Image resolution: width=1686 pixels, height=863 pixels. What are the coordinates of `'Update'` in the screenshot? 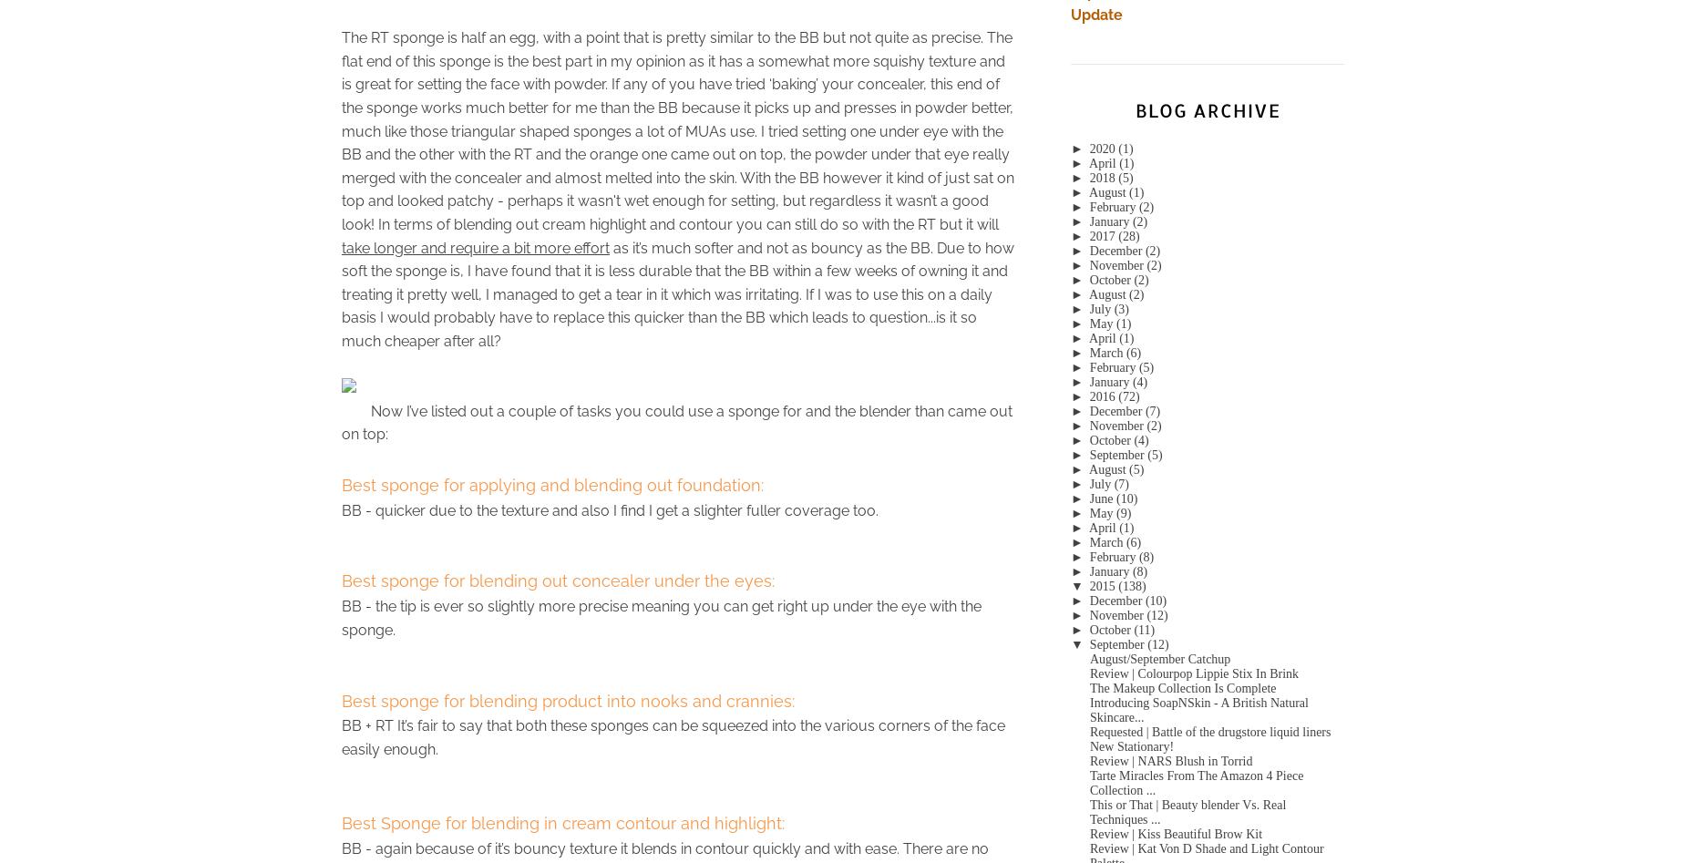 It's located at (1095, 15).